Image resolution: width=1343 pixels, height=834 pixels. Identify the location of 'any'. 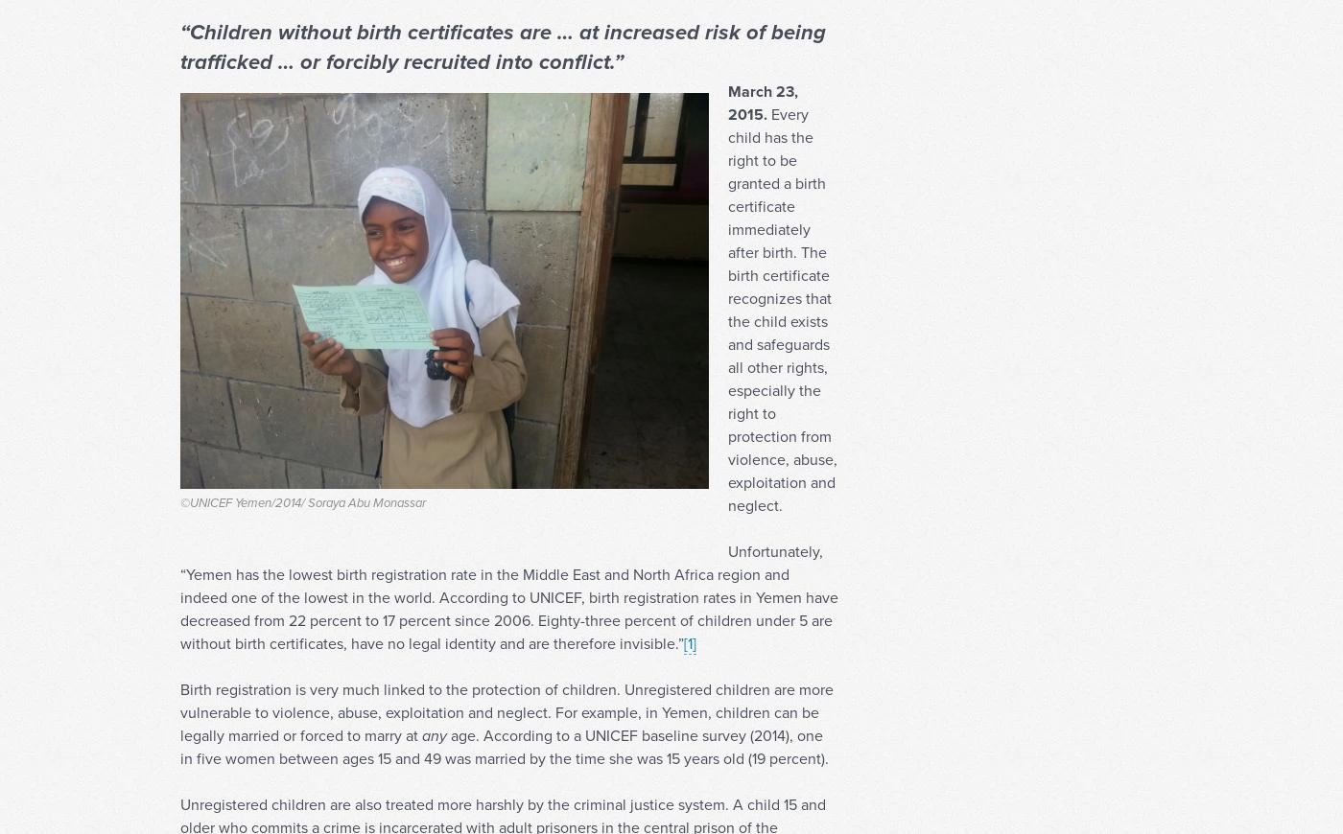
(435, 772).